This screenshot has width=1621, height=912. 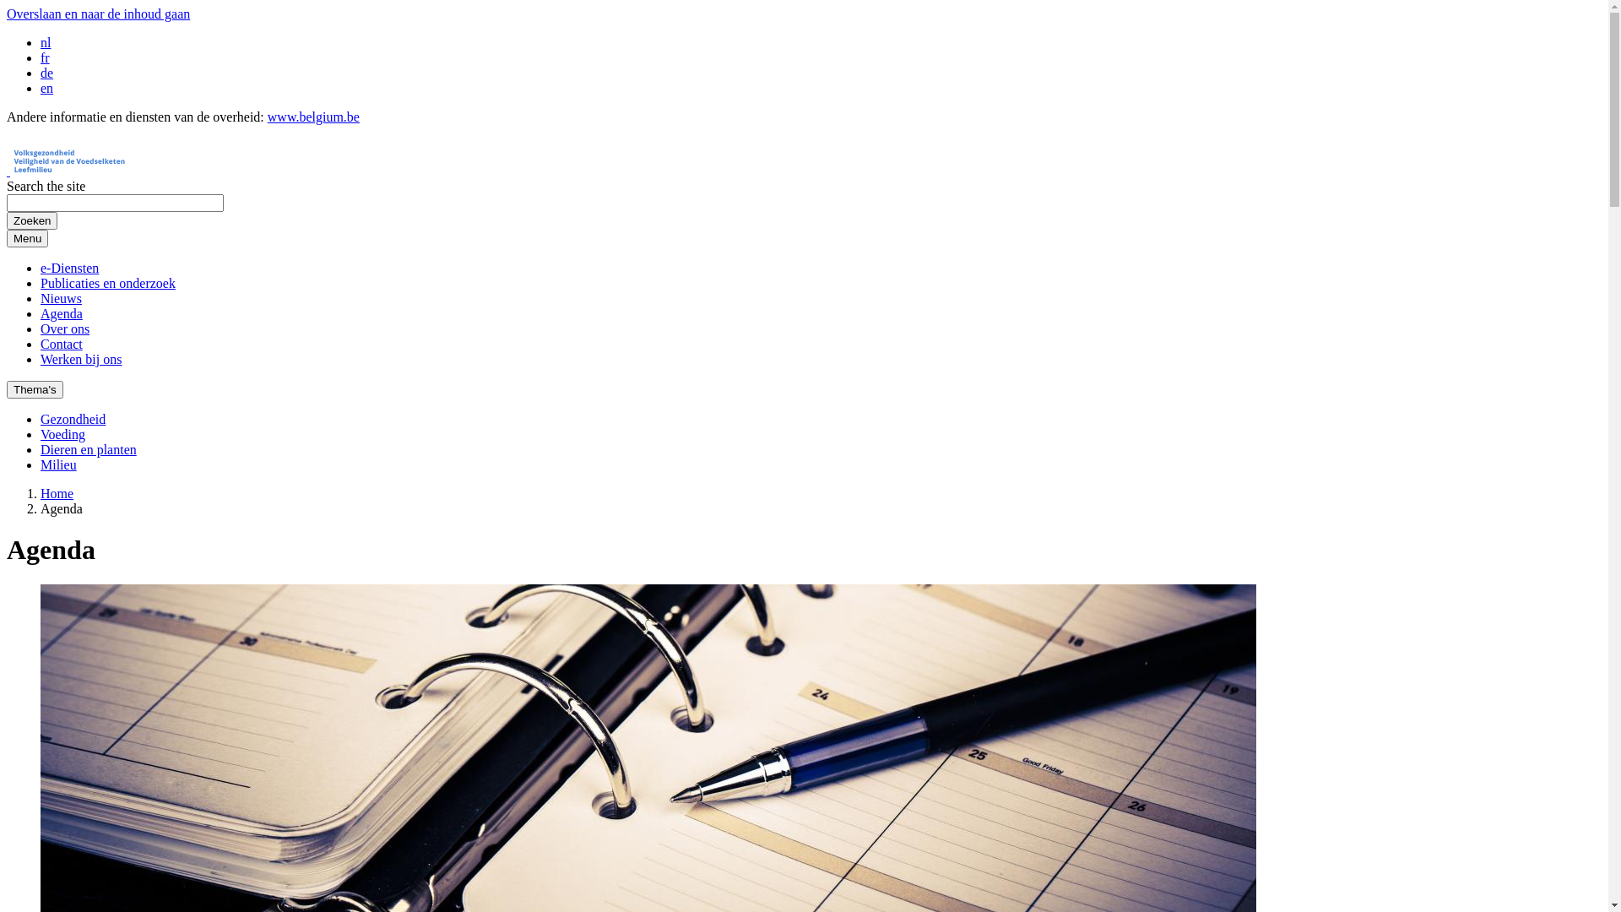 I want to click on 'www.belgium.be', so click(x=313, y=116).